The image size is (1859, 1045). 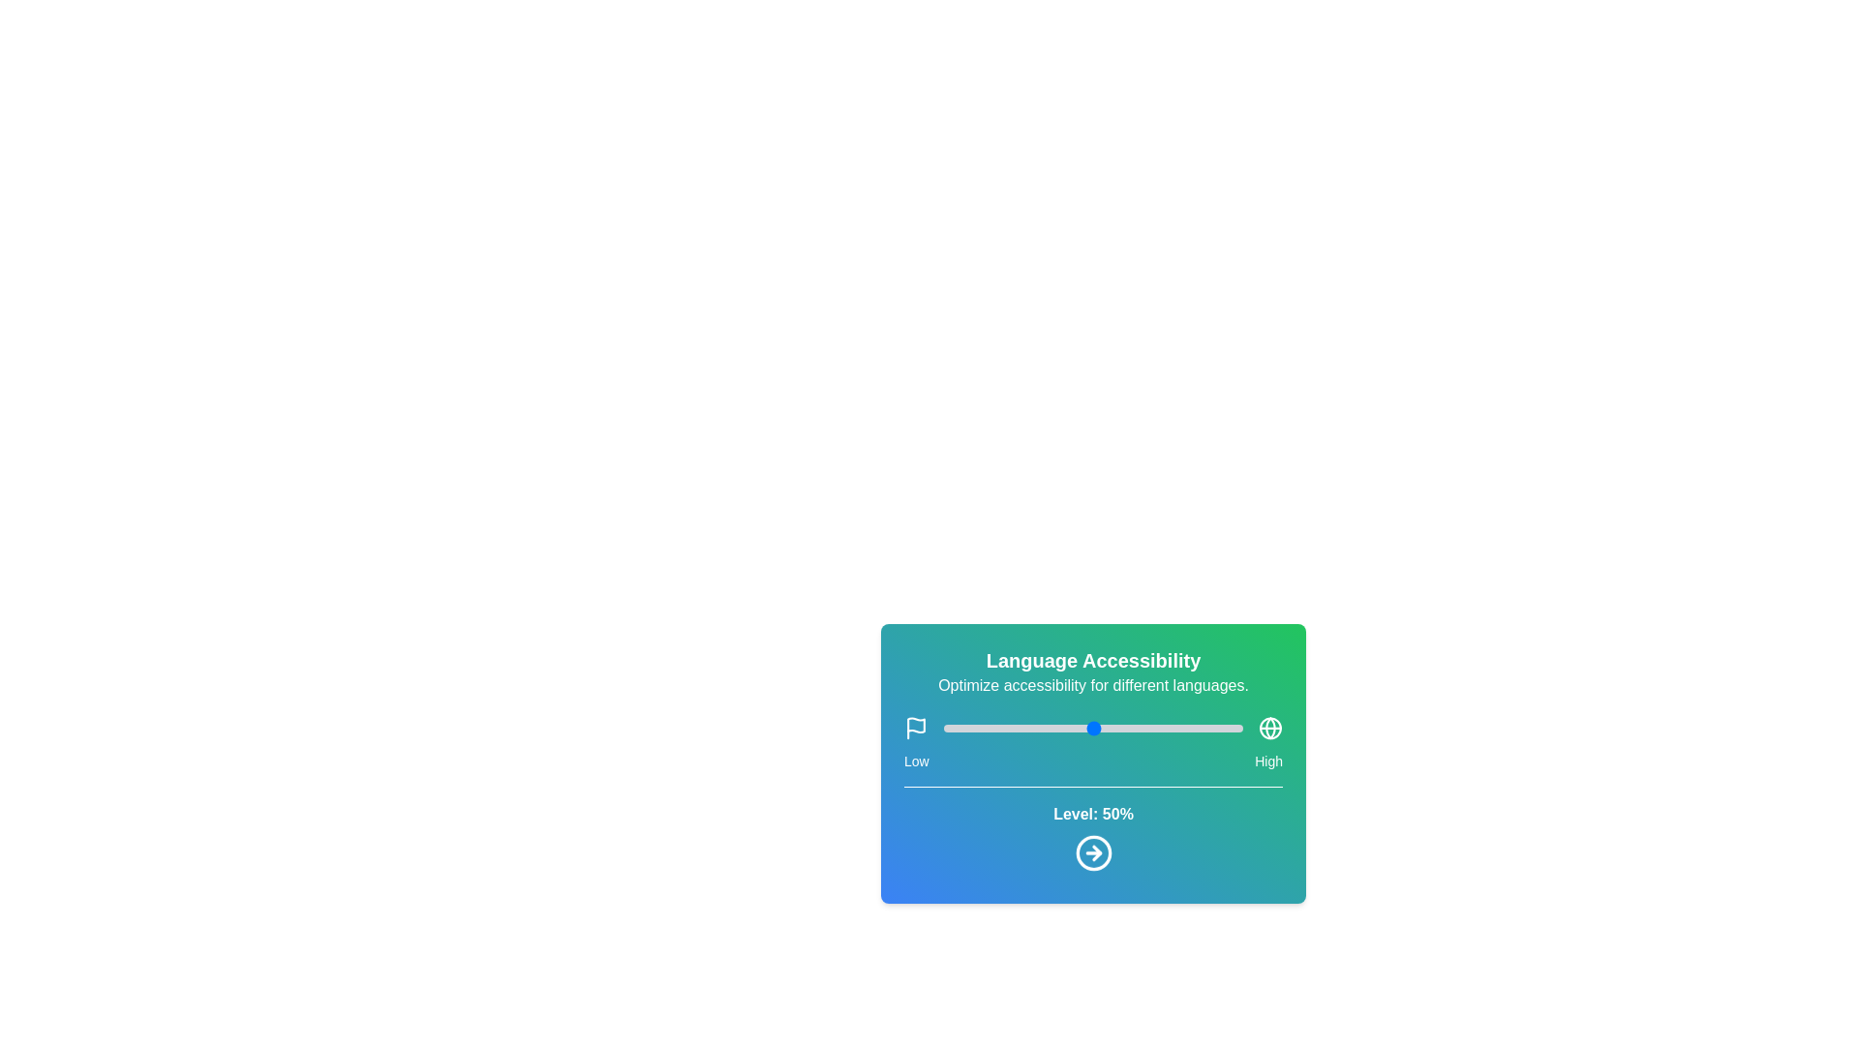 What do you see at coordinates (1021, 728) in the screenshot?
I see `the slider to set the language accessibility level to 26%` at bounding box center [1021, 728].